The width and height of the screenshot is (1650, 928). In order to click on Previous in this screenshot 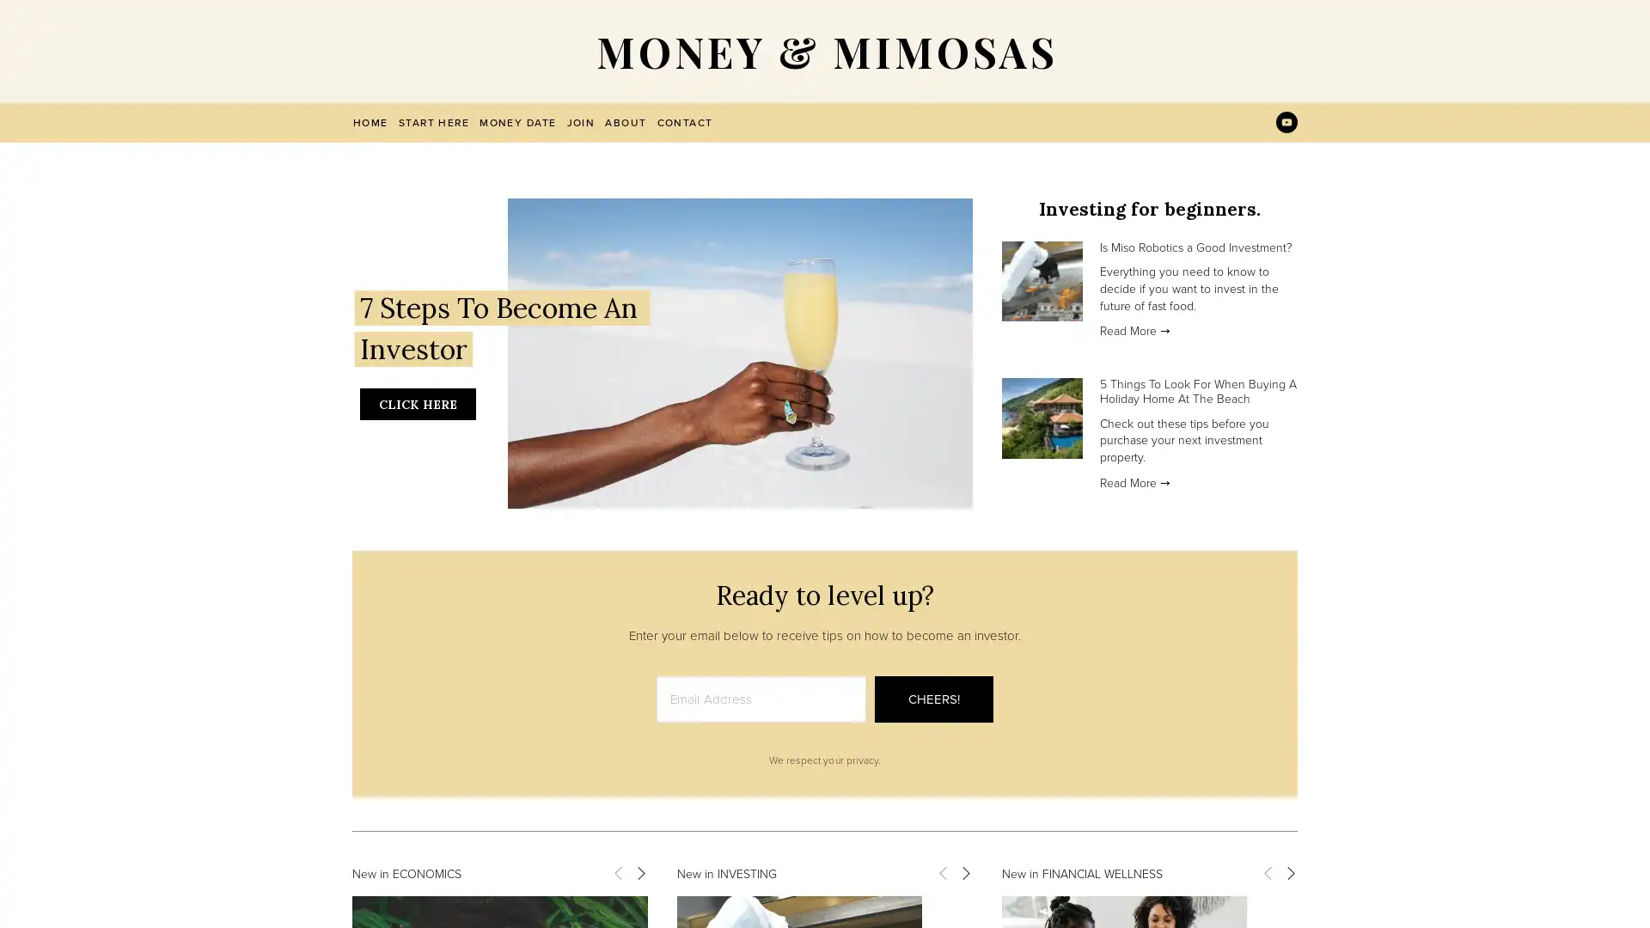, I will do `click(942, 871)`.